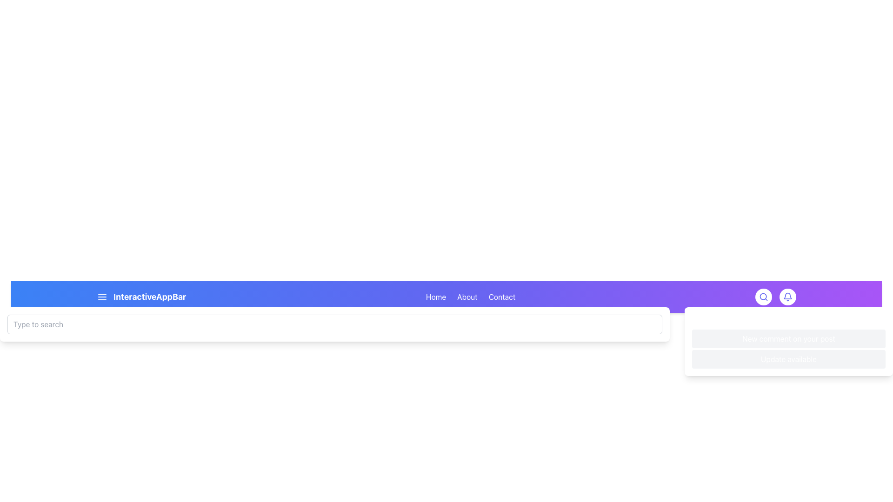 Image resolution: width=893 pixels, height=502 pixels. What do you see at coordinates (150, 297) in the screenshot?
I see `the Text Label that serves as a title or identifier for the application, located in the top navigation bar, directly right of the hamburger menu icon` at bounding box center [150, 297].